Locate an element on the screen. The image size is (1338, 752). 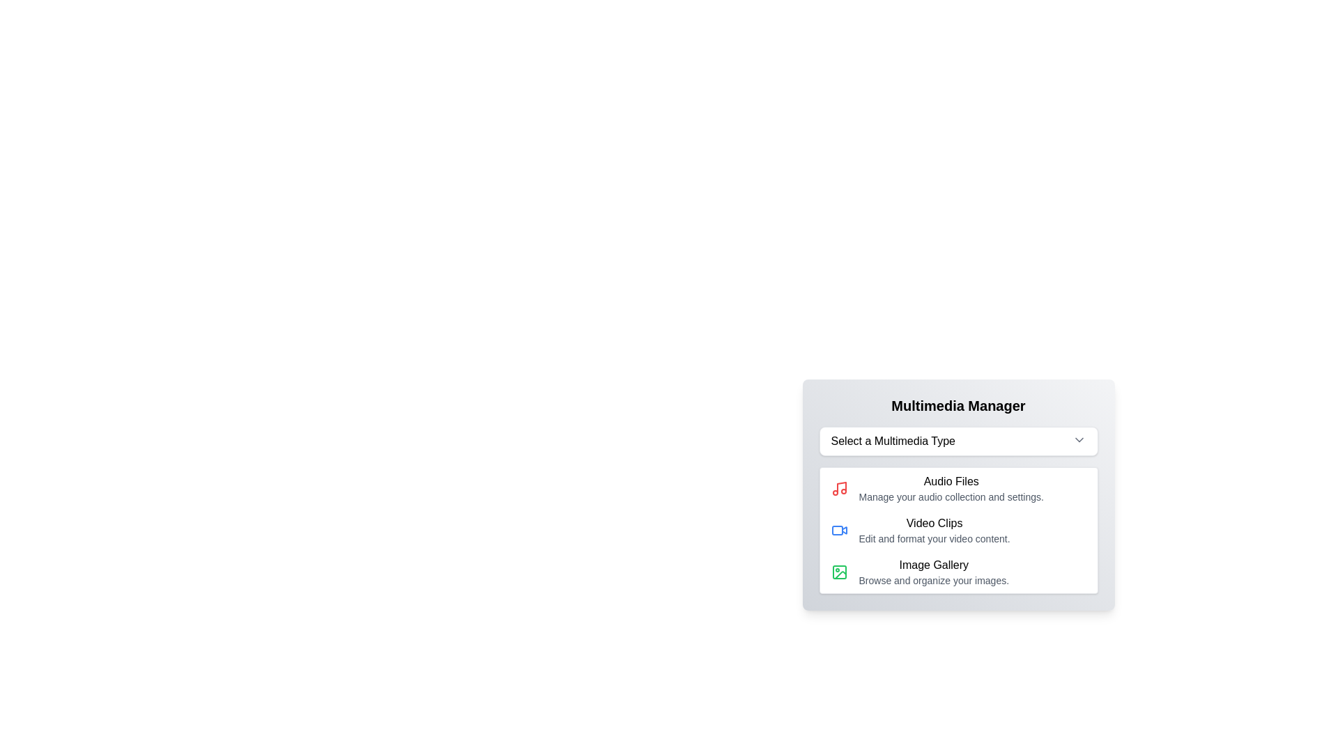
the 'Image Gallery' selectable list item in the Multimedia Manager is located at coordinates (934, 572).